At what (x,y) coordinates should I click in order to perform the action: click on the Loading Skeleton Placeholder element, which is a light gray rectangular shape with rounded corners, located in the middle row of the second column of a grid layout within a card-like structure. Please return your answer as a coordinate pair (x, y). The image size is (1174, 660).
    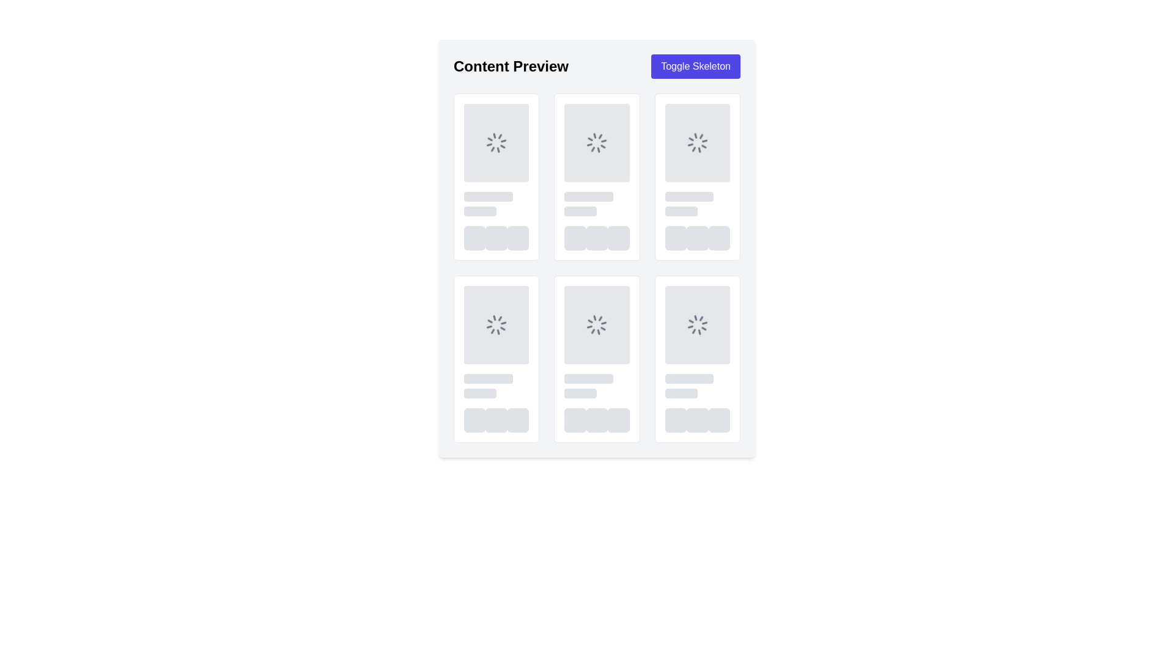
    Looking at the image, I should click on (497, 386).